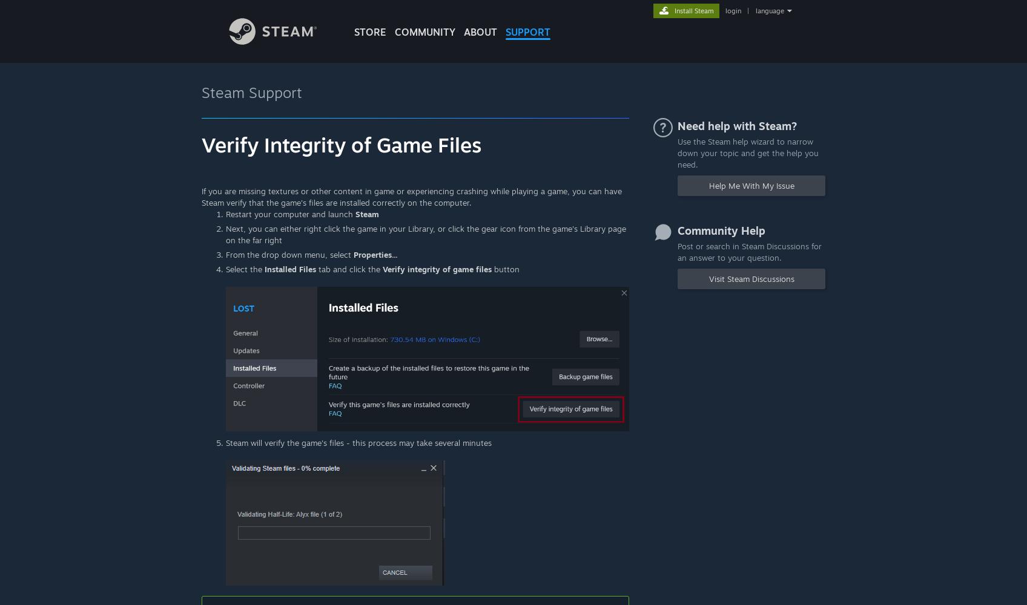  I want to click on 'Steam will verify the game's files - this process may take several minutes', so click(358, 442).